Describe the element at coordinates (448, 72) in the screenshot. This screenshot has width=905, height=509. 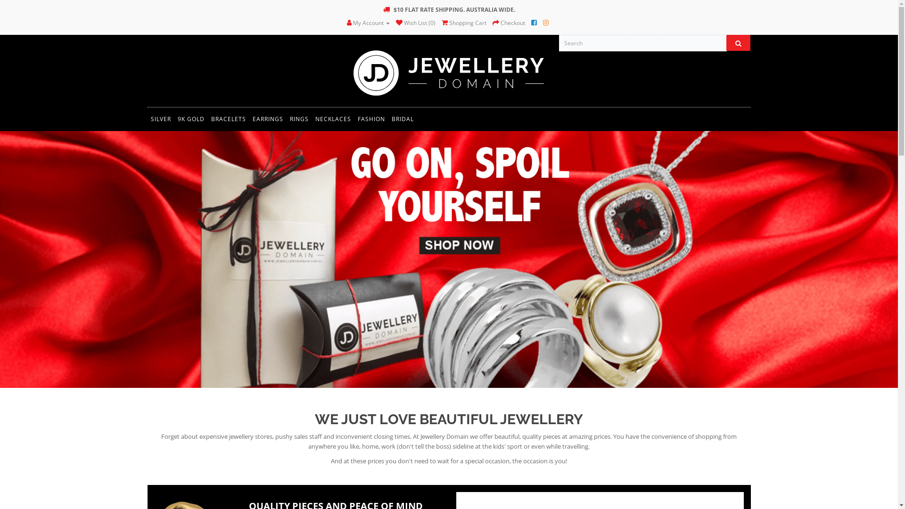
I see `'Jewellery Domain'` at that location.